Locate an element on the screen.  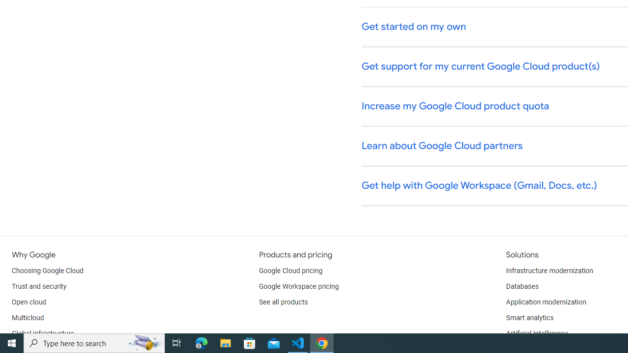
'Choosing Google Cloud' is located at coordinates (47, 271).